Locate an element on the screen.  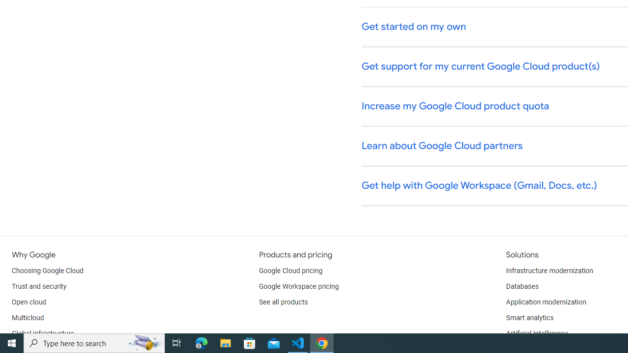
'Choosing Google Cloud' is located at coordinates (47, 271).